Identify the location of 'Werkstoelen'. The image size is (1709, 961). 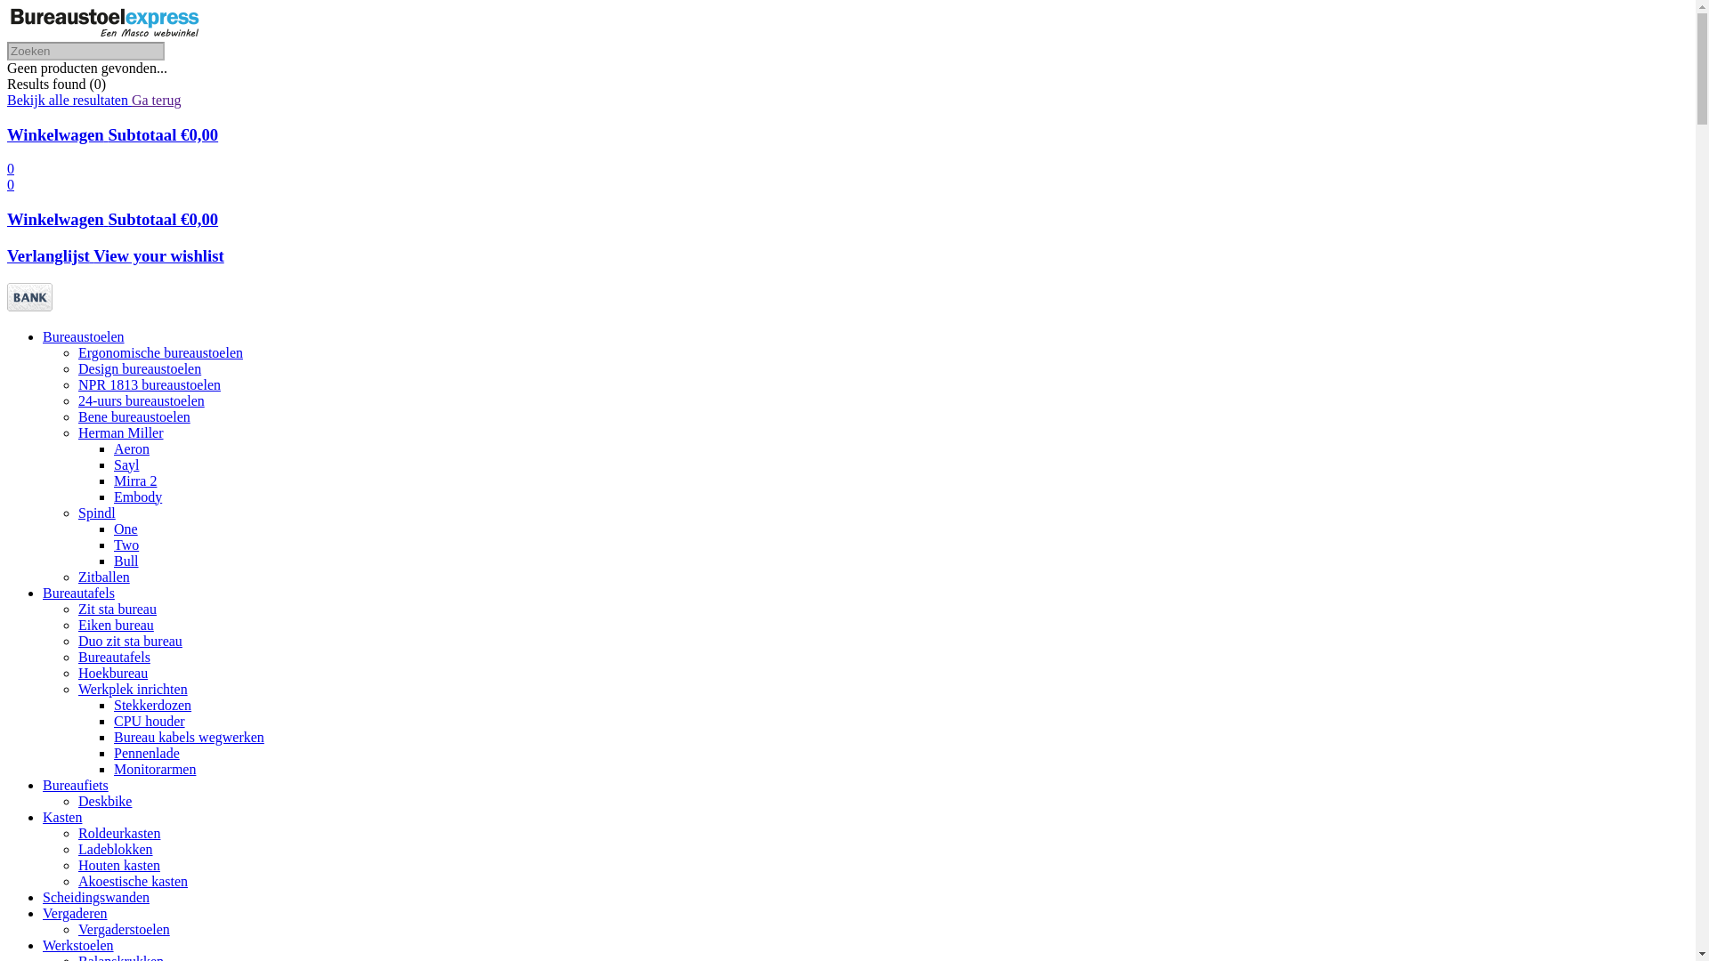
(77, 944).